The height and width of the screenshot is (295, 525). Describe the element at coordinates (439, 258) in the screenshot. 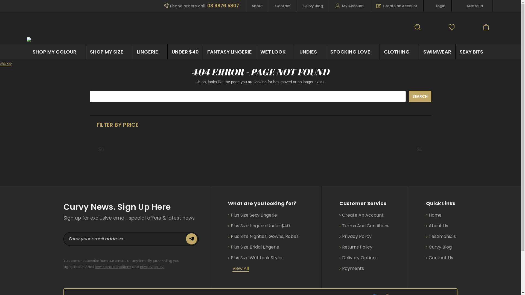

I see `'Contact Us'` at that location.